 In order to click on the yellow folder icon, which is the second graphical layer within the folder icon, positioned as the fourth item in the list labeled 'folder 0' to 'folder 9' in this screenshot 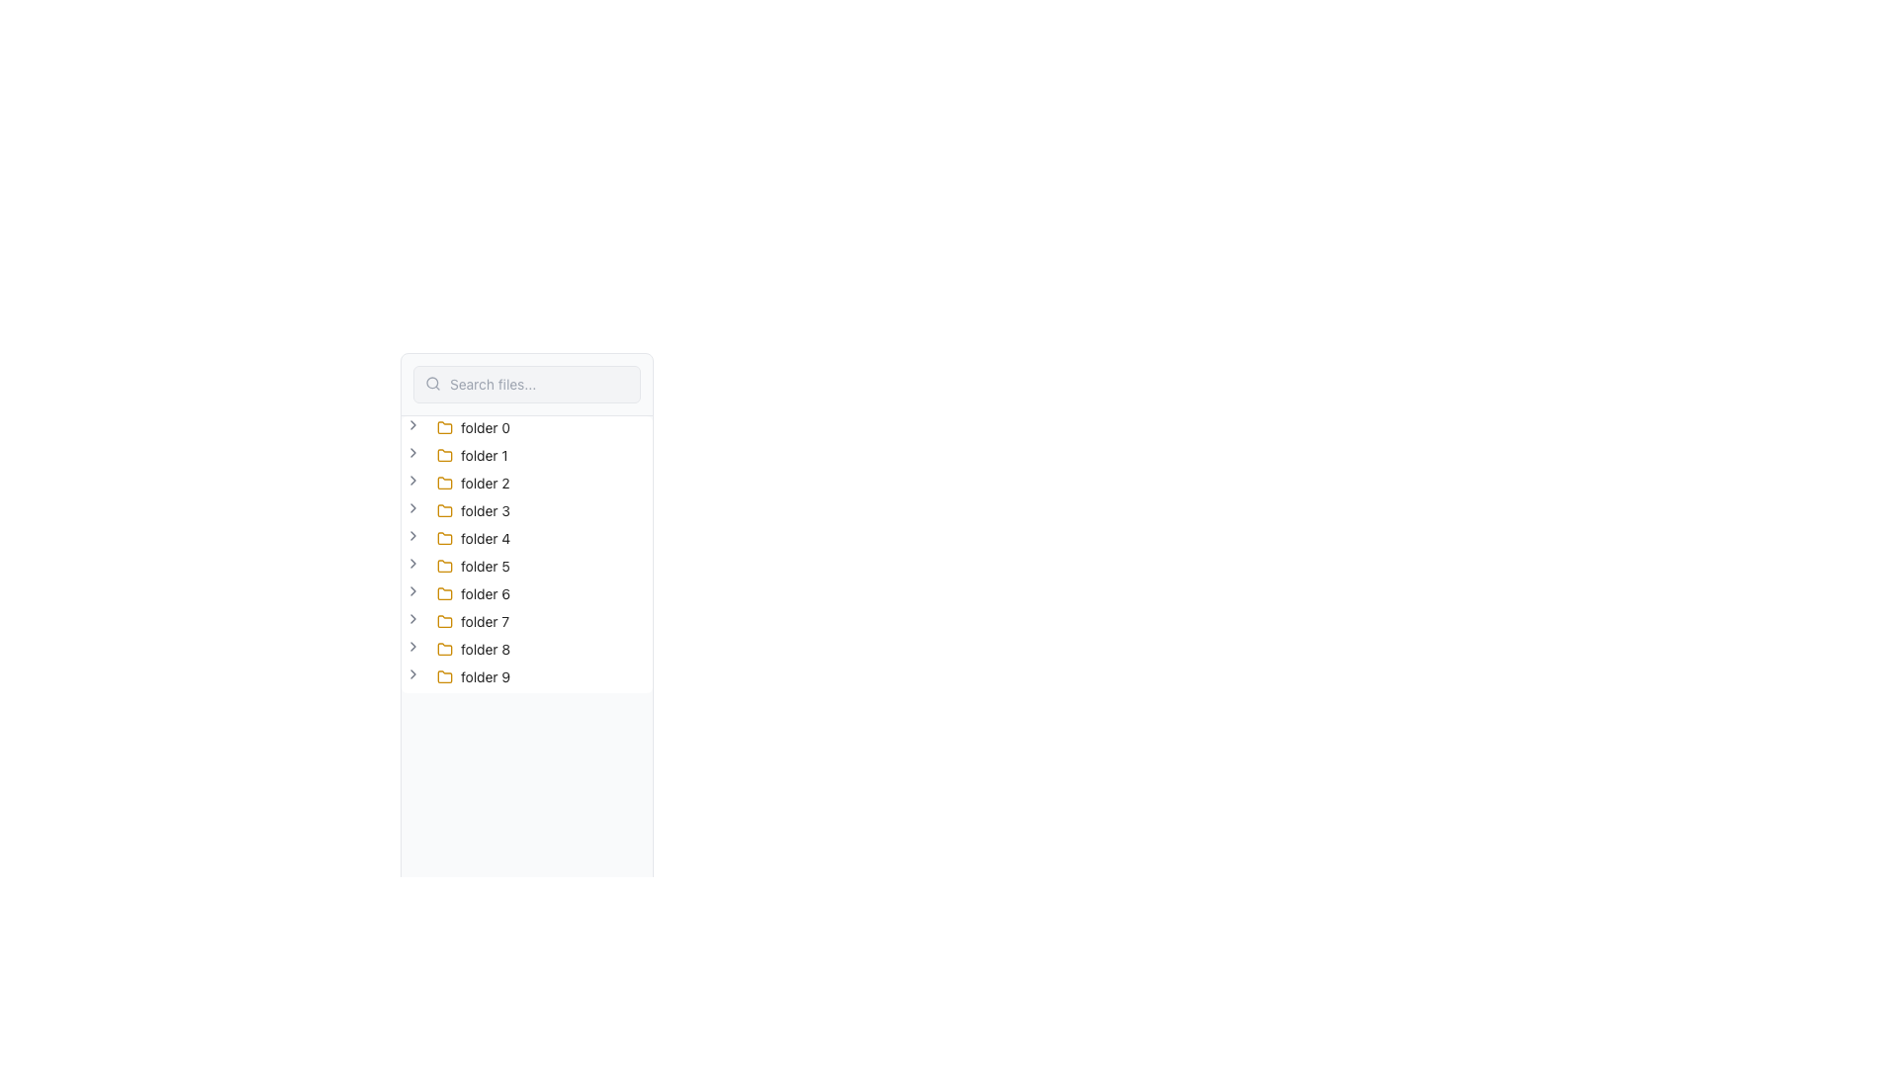, I will do `click(444, 509)`.